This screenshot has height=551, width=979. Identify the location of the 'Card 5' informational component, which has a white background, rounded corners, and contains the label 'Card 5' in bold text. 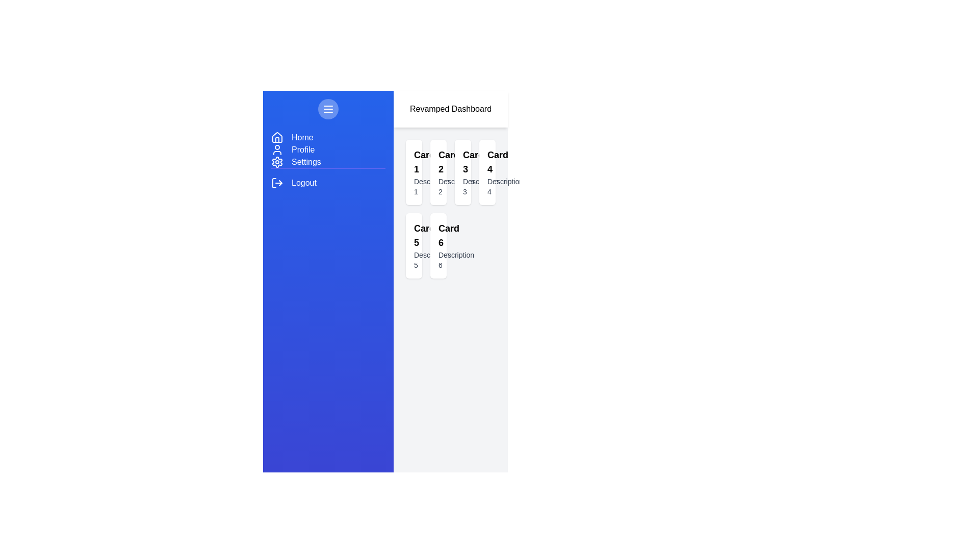
(414, 246).